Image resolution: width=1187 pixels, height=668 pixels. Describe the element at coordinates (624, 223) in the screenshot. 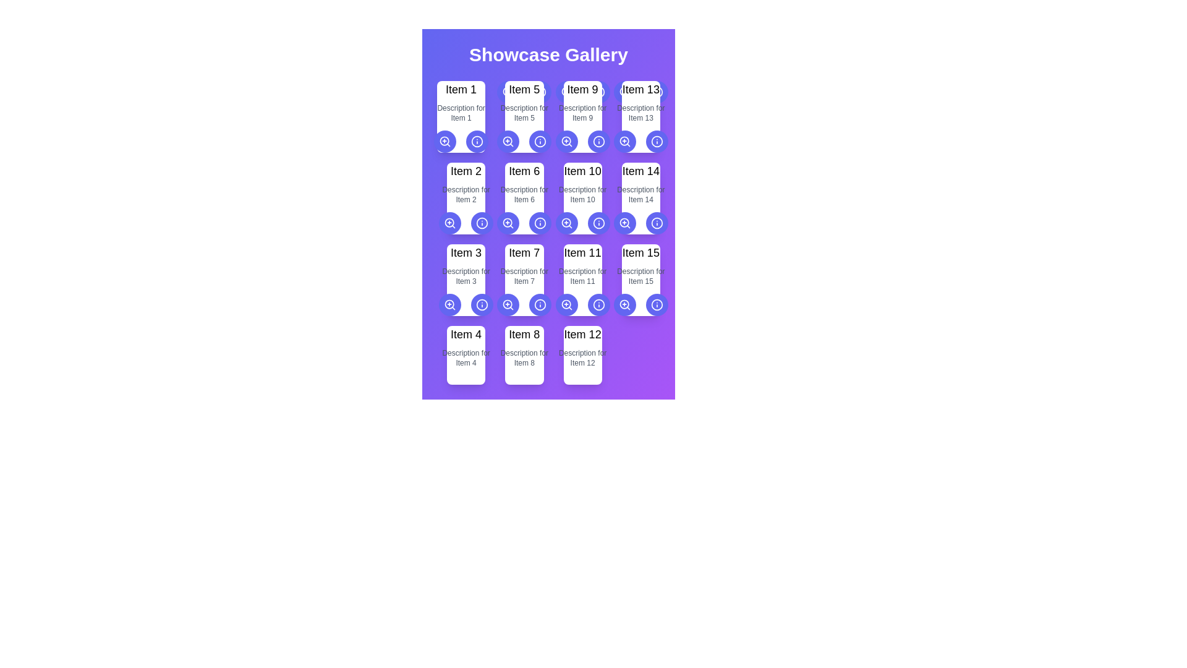

I see `the button located in the bottom-right corner of the 'Item 14' card` at that location.